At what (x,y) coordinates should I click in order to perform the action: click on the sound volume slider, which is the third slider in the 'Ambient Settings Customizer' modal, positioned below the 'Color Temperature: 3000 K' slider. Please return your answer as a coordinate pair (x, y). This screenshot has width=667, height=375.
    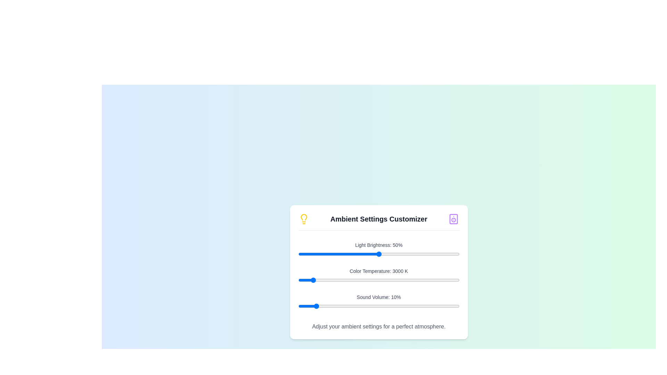
    Looking at the image, I should click on (378, 306).